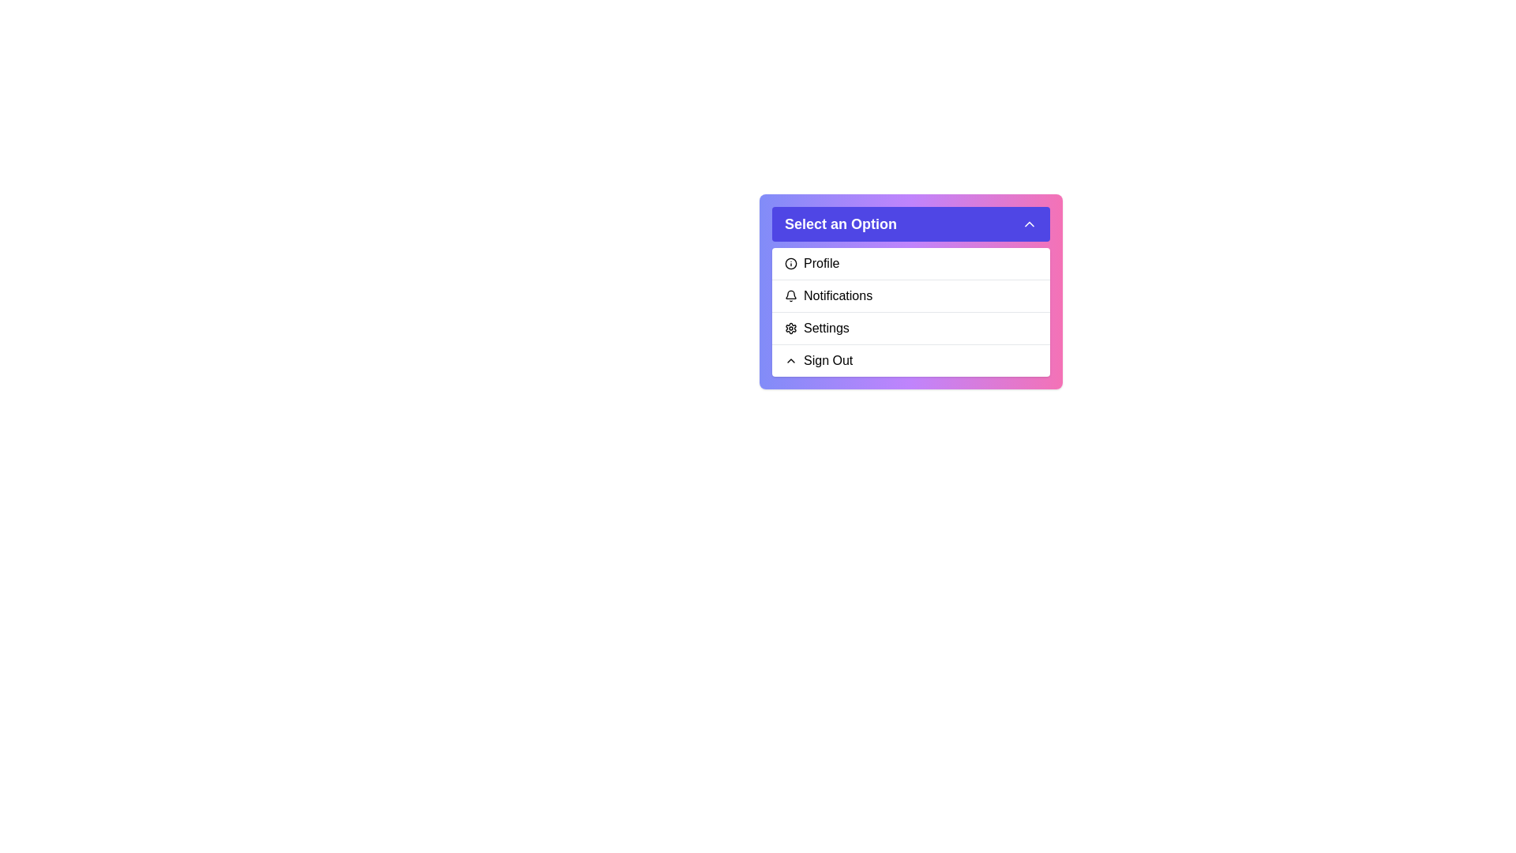 The height and width of the screenshot is (853, 1516). What do you see at coordinates (910, 295) in the screenshot?
I see `the Notifications from the dropdown menu` at bounding box center [910, 295].